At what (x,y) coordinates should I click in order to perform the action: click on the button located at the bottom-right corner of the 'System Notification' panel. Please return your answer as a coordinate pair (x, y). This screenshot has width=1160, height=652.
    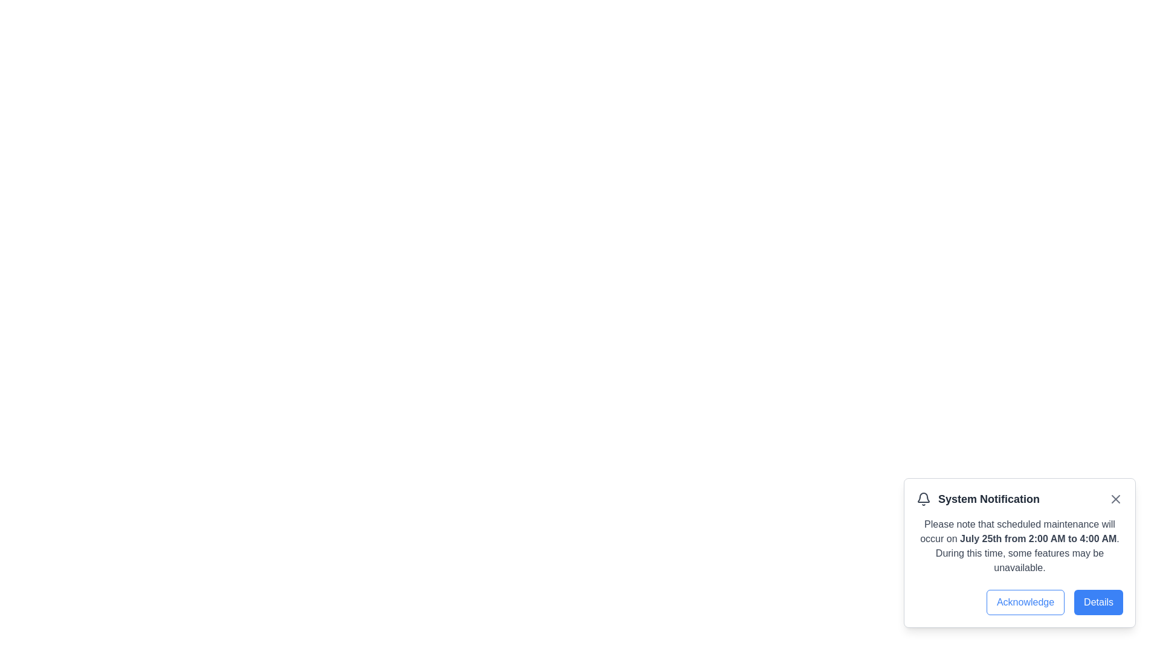
    Looking at the image, I should click on (1019, 602).